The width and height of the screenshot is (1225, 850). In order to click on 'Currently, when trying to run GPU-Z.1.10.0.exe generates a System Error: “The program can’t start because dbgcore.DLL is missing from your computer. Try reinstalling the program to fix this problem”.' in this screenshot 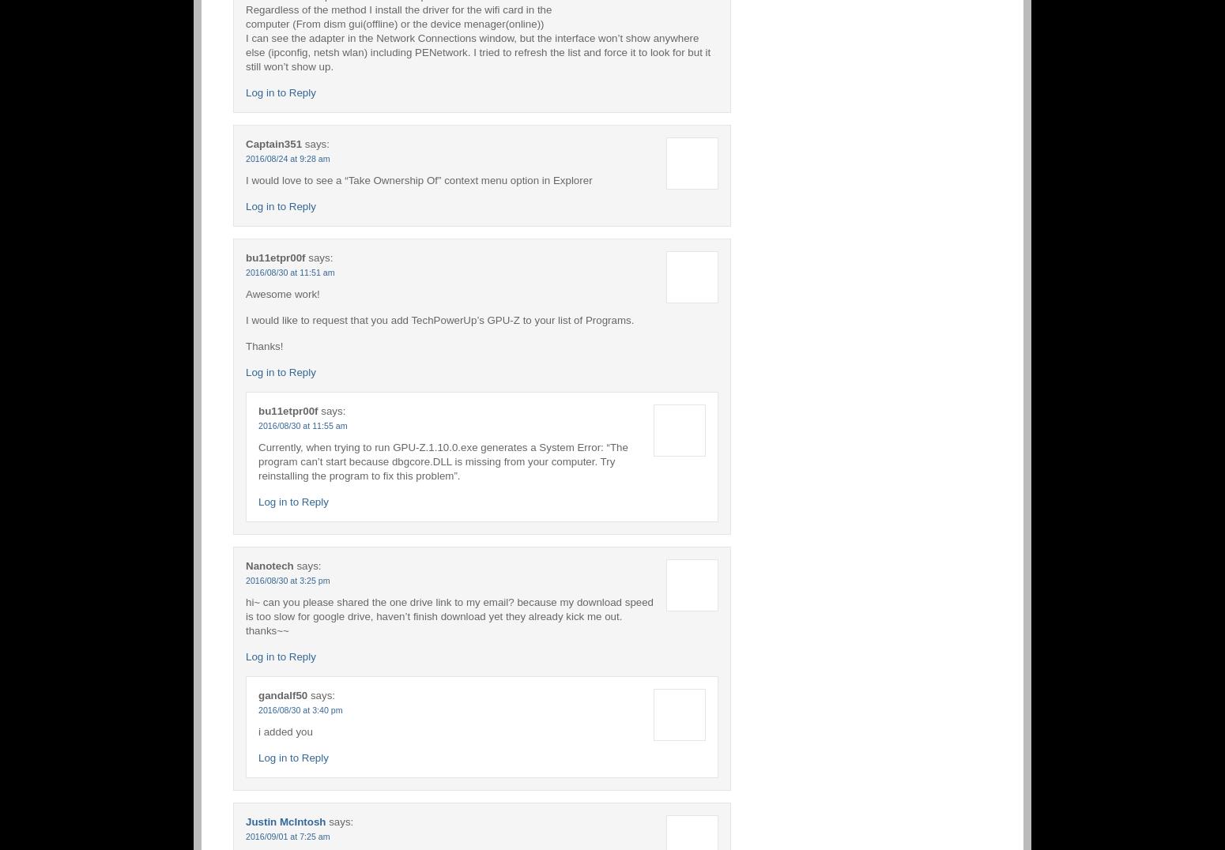, I will do `click(443, 460)`.